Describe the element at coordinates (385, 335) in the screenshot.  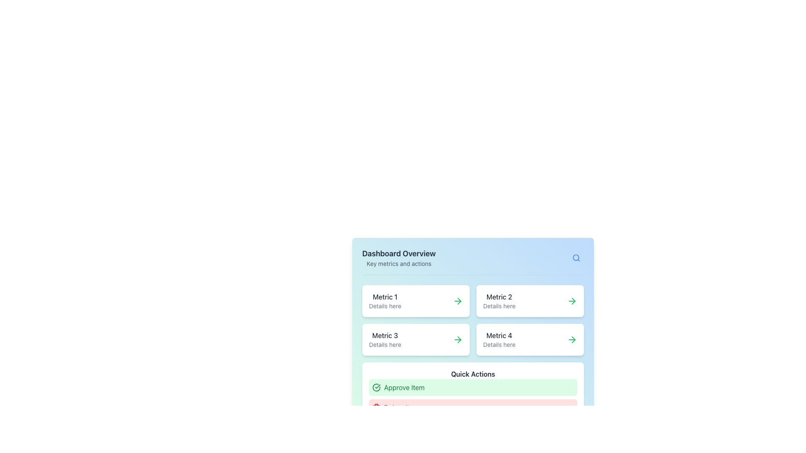
I see `the static text element labeled 'Metric 3' in the bottom-left corner of the 'Dashboard Overview' section, which serves as a title for nearby metrics` at that location.